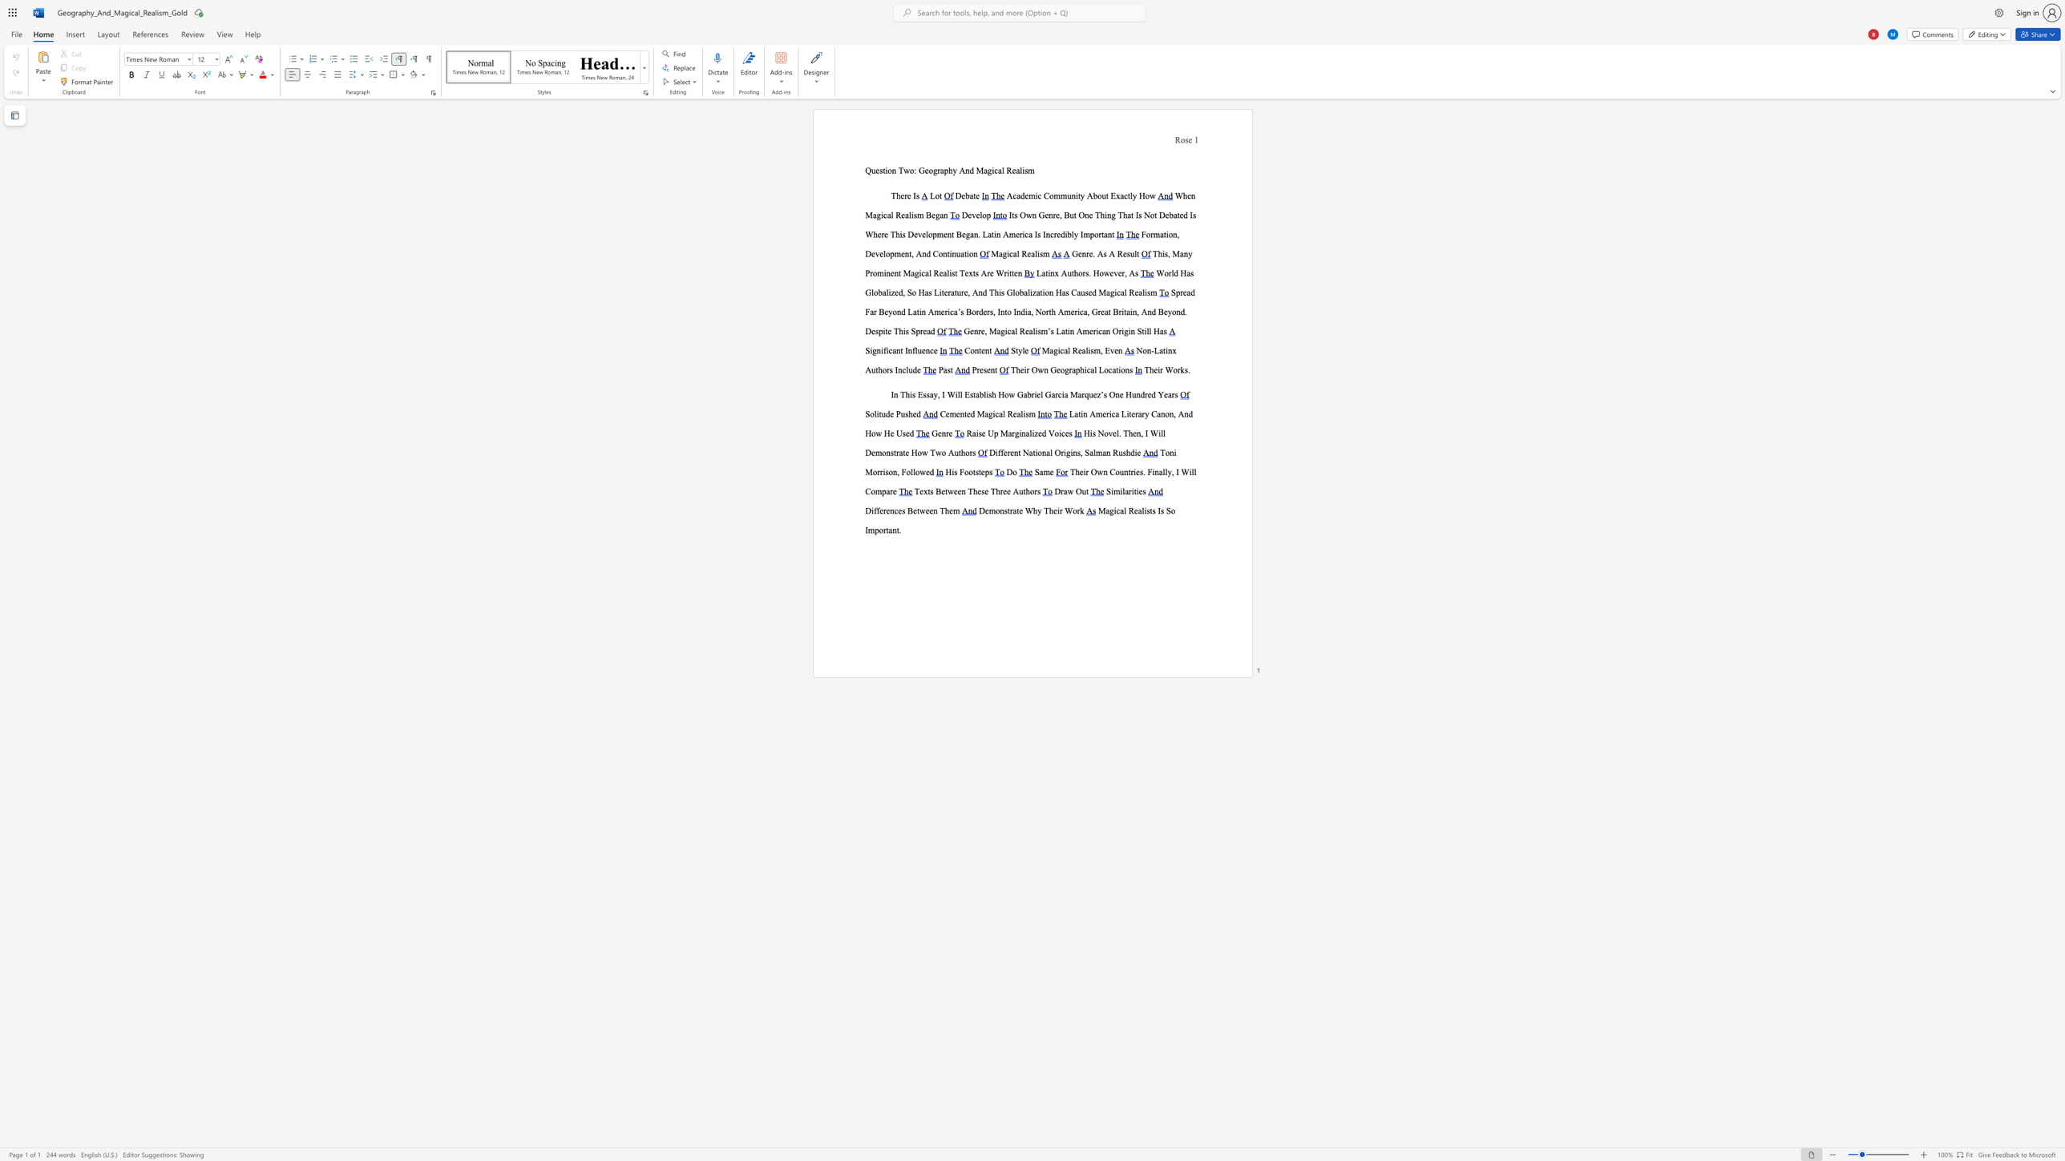 The width and height of the screenshot is (2065, 1161). Describe the element at coordinates (1103, 273) in the screenshot. I see `the subset text "wever, As" within the text "Latinx Authors. However, As"` at that location.